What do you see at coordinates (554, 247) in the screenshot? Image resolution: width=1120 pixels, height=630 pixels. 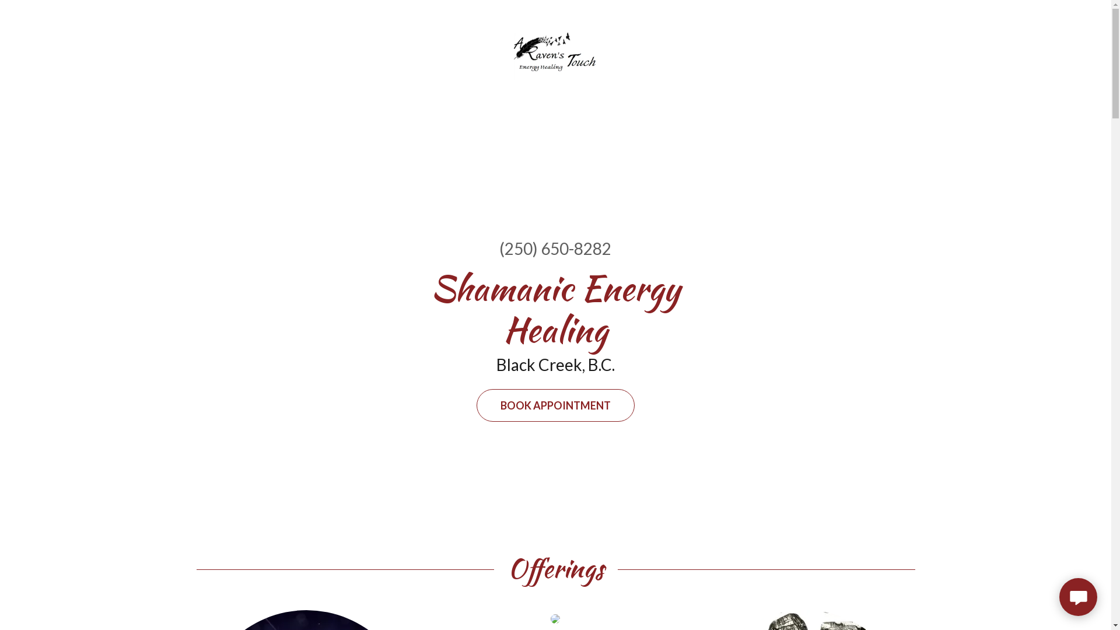 I see `'(250) 650-8282'` at bounding box center [554, 247].